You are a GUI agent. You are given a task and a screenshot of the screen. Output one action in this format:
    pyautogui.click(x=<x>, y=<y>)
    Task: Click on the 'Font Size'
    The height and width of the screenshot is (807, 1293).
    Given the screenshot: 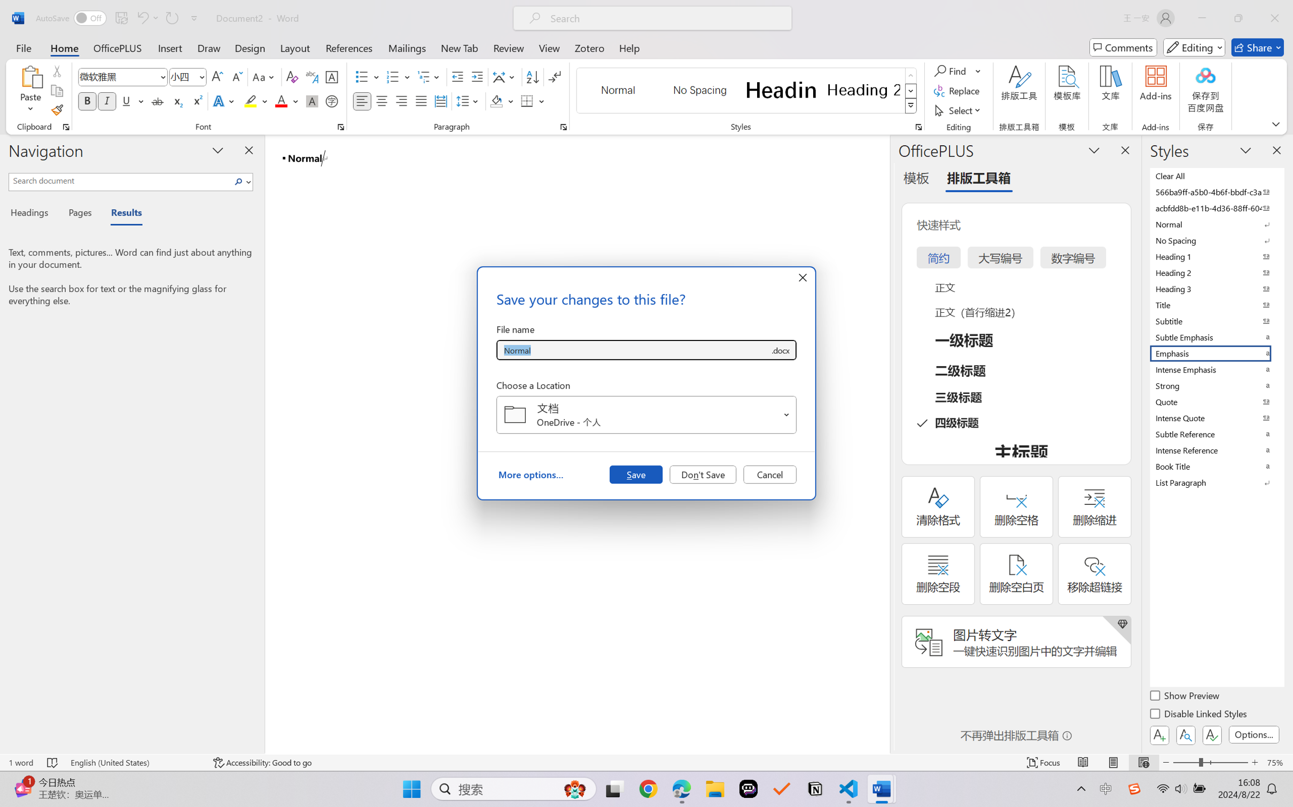 What is the action you would take?
    pyautogui.click(x=188, y=77)
    